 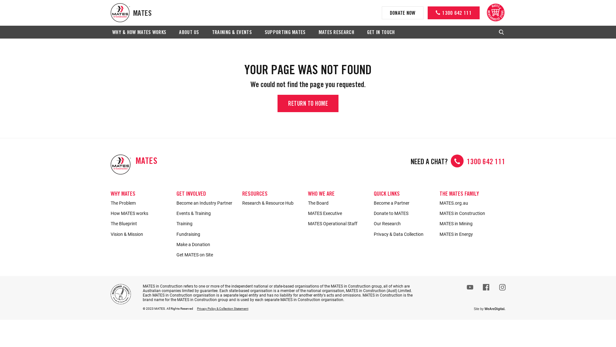 What do you see at coordinates (111, 223) in the screenshot?
I see `'The Blueprint'` at bounding box center [111, 223].